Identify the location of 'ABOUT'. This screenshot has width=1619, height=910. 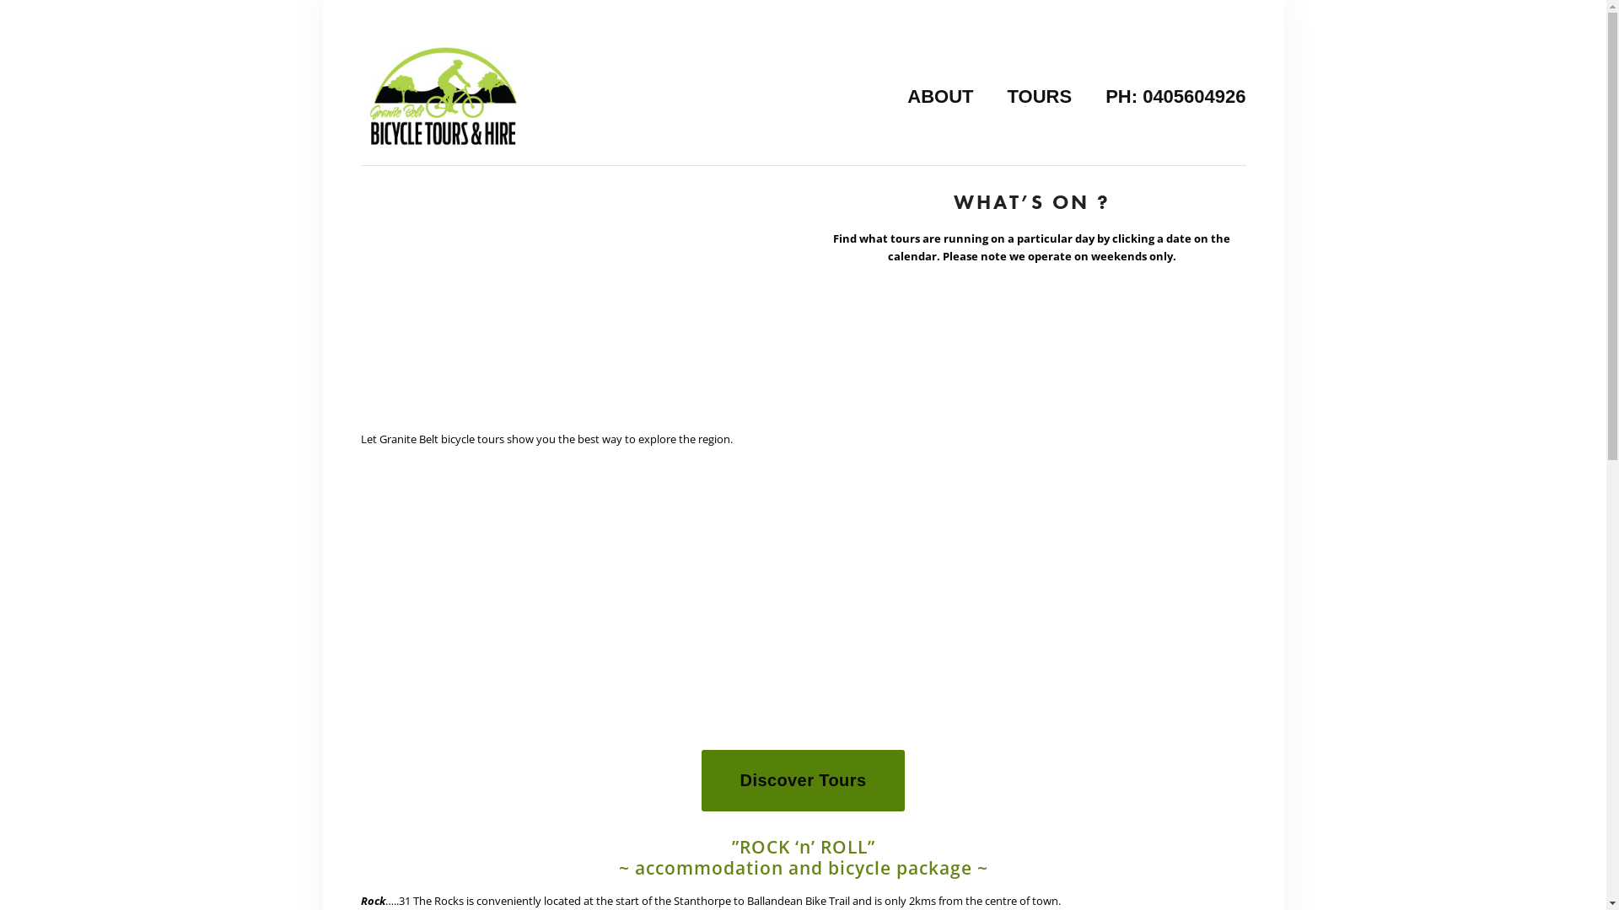
(939, 96).